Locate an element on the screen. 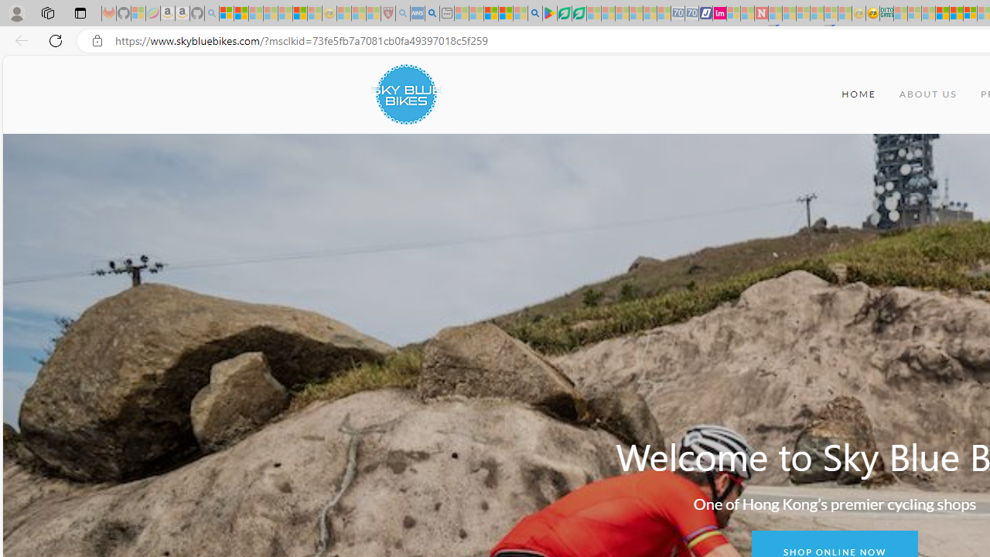 Image resolution: width=990 pixels, height=557 pixels. 'HOME' is located at coordinates (858, 94).